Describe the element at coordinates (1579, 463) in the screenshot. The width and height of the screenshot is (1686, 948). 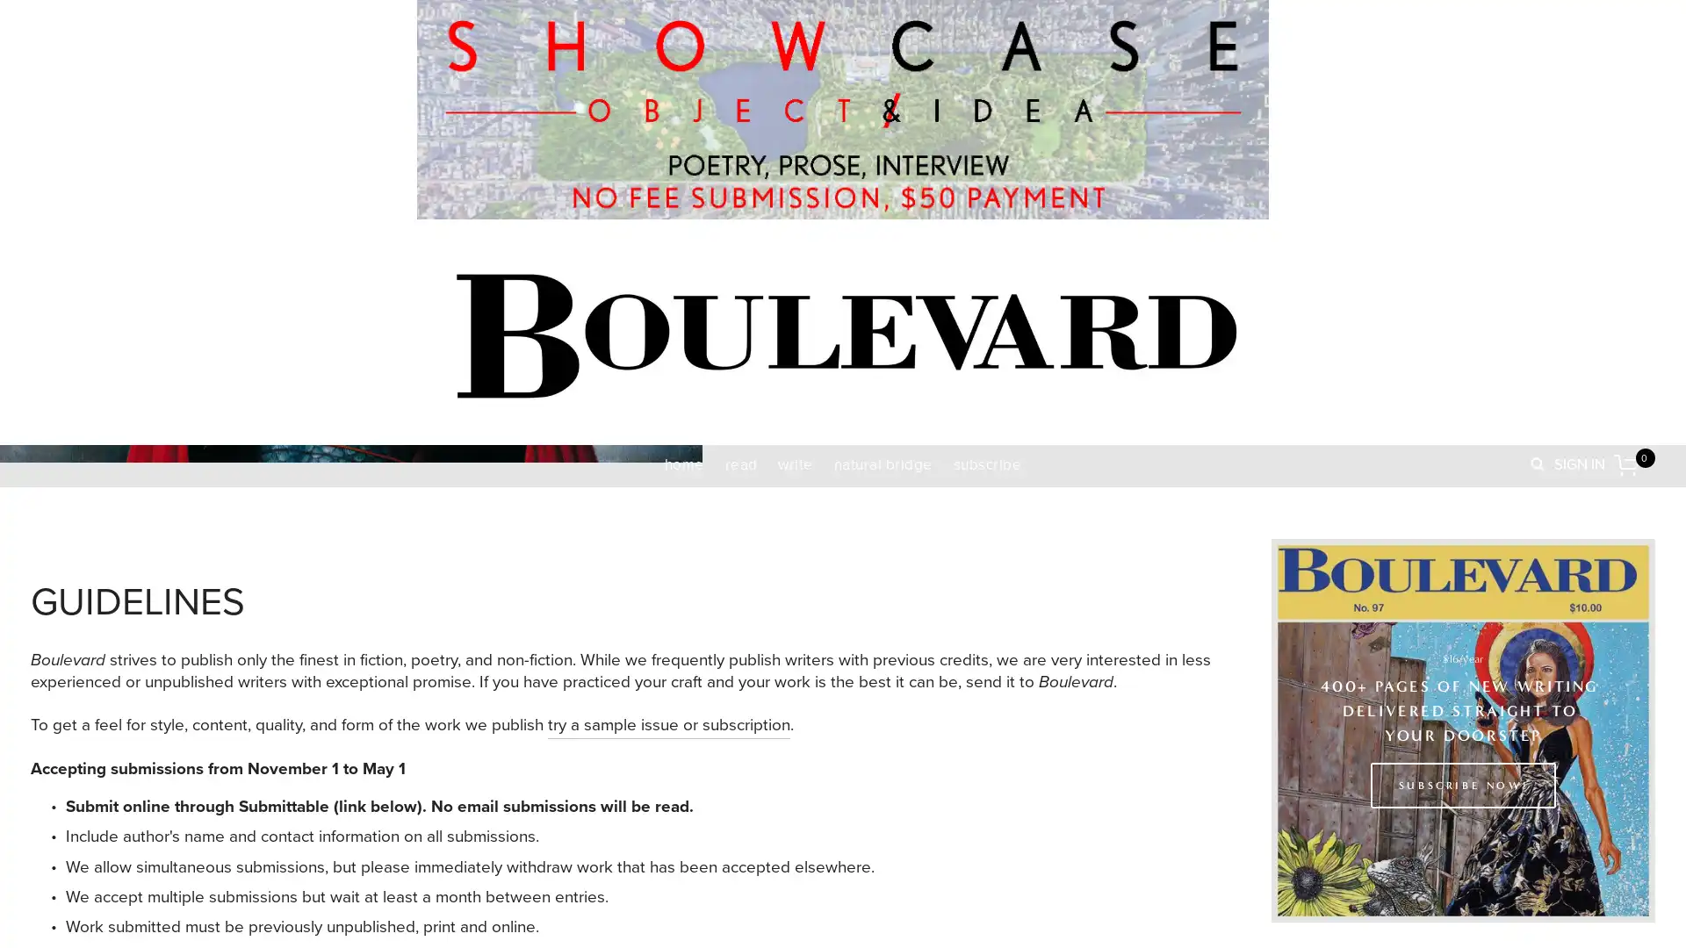
I see `SIGN IN` at that location.